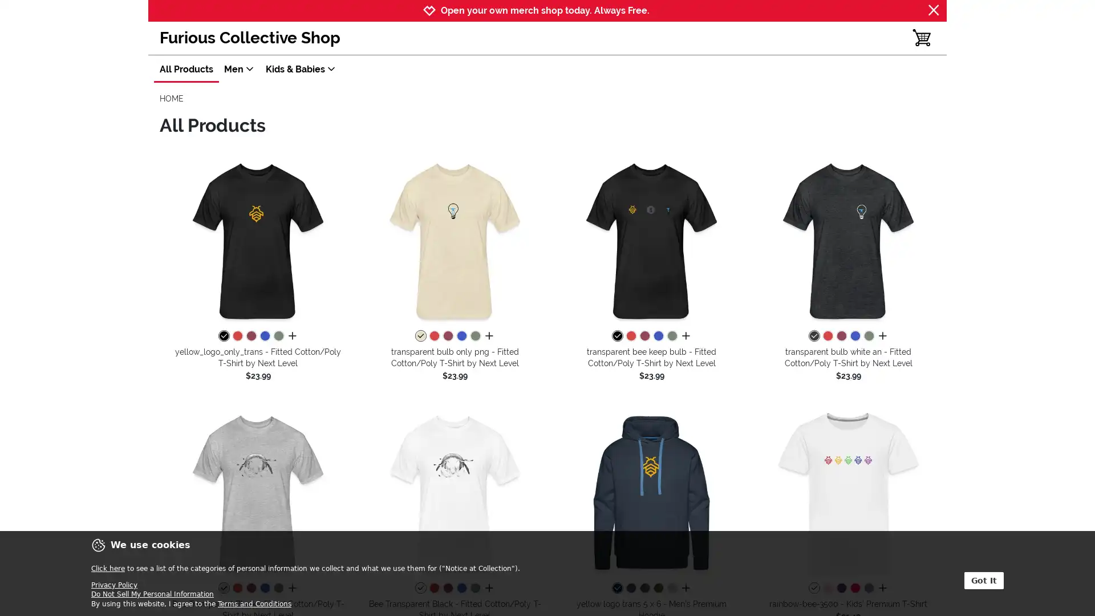 The image size is (1095, 616). What do you see at coordinates (257, 240) in the screenshot?
I see `yellow_logo_only_trans - Fitted Cotton/Poly T-Shirt by Next Level` at bounding box center [257, 240].